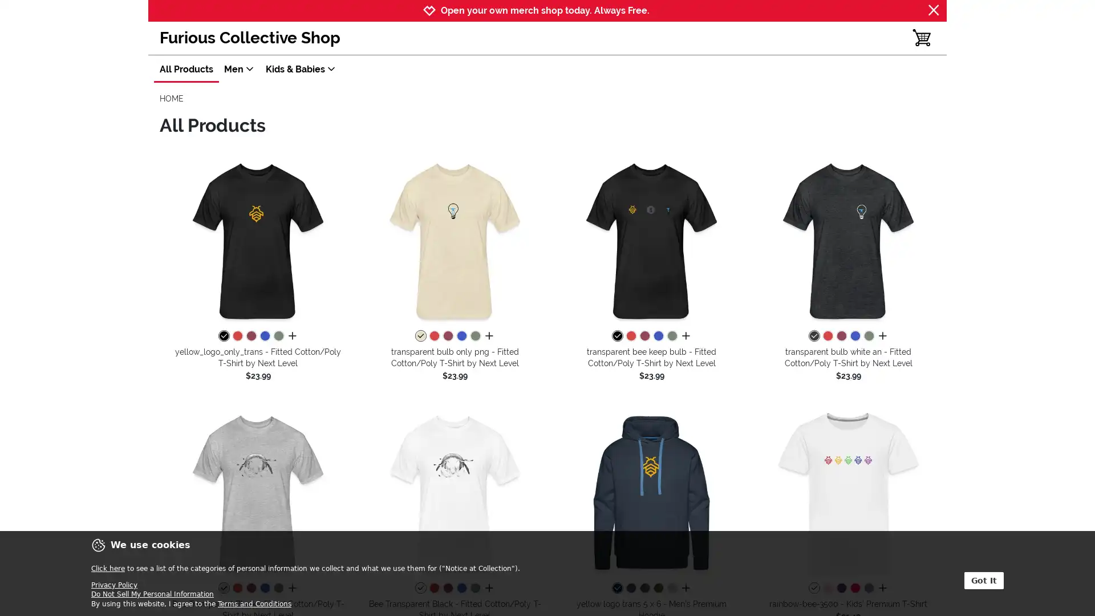 The image size is (1095, 616). What do you see at coordinates (257, 240) in the screenshot?
I see `yellow_logo_only_trans - Fitted Cotton/Poly T-Shirt by Next Level` at bounding box center [257, 240].